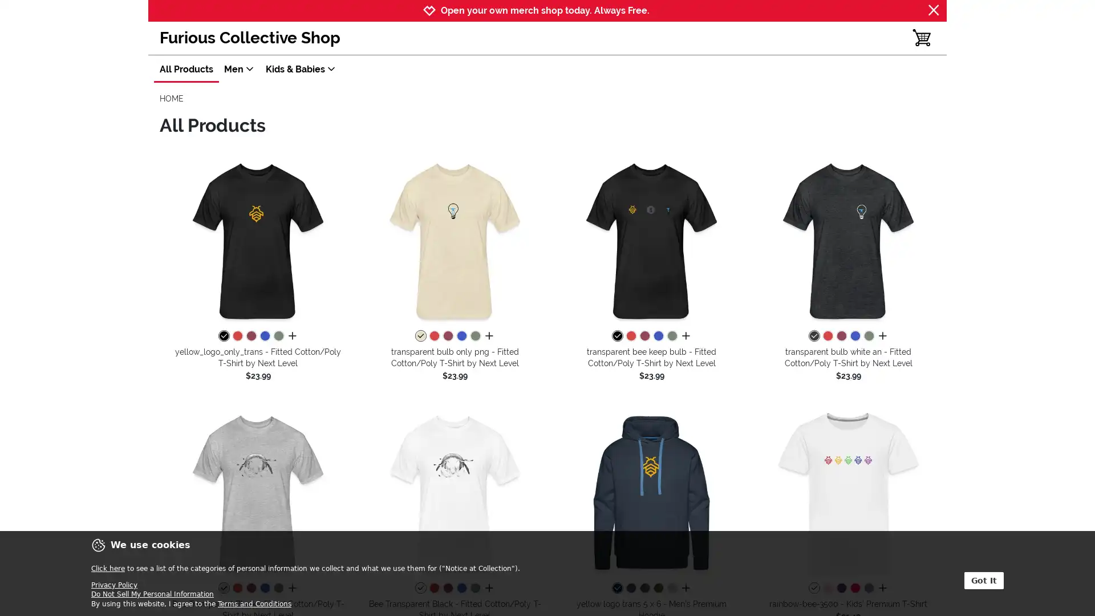 The image size is (1095, 616). What do you see at coordinates (257, 240) in the screenshot?
I see `yellow_logo_only_trans - Fitted Cotton/Poly T-Shirt by Next Level` at bounding box center [257, 240].